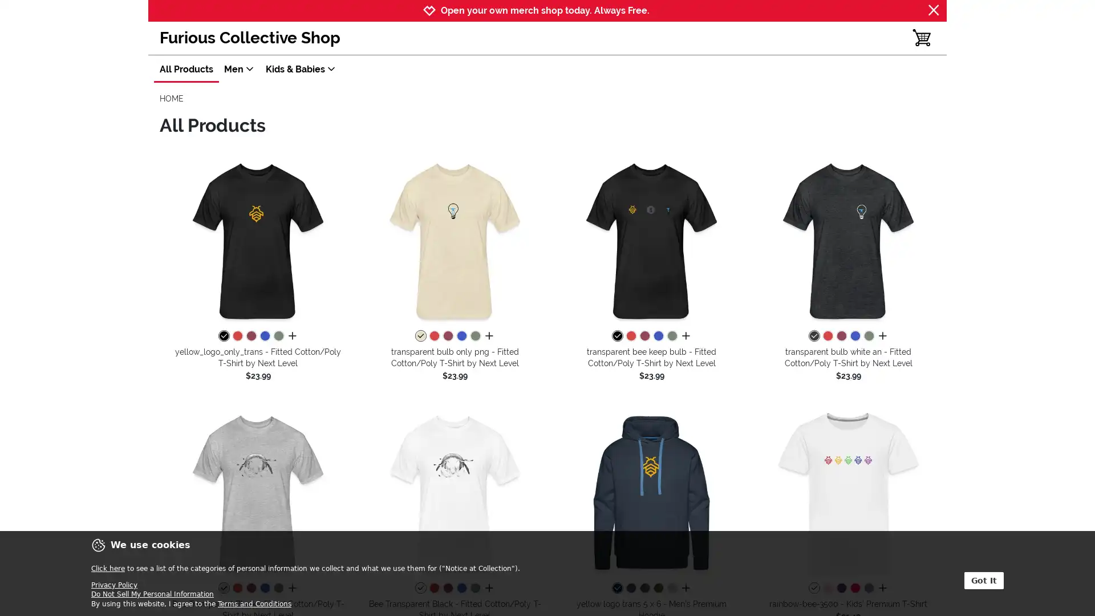 The image size is (1095, 616). What do you see at coordinates (257, 240) in the screenshot?
I see `yellow_logo_only_trans - Fitted Cotton/Poly T-Shirt by Next Level` at bounding box center [257, 240].